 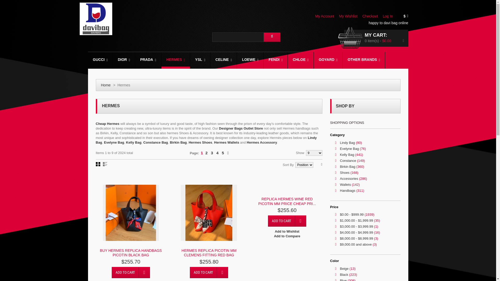 What do you see at coordinates (114, 142) in the screenshot?
I see `'Evelyne Bag'` at bounding box center [114, 142].